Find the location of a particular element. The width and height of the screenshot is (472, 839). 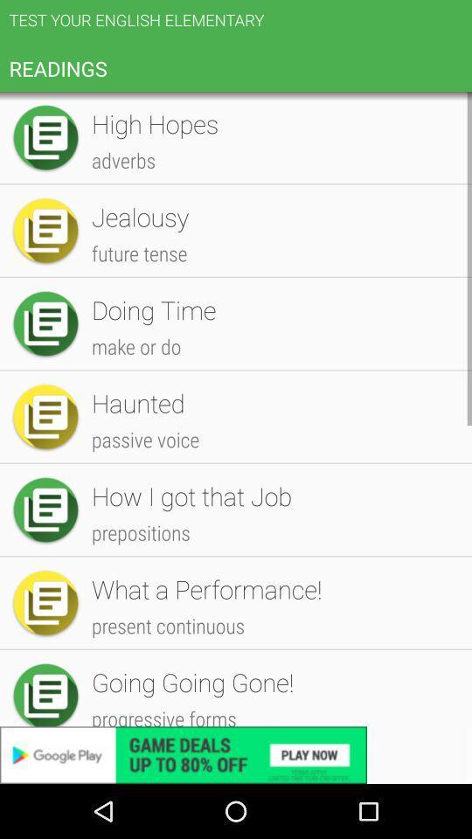

item below the hangman item is located at coordinates (273, 617).